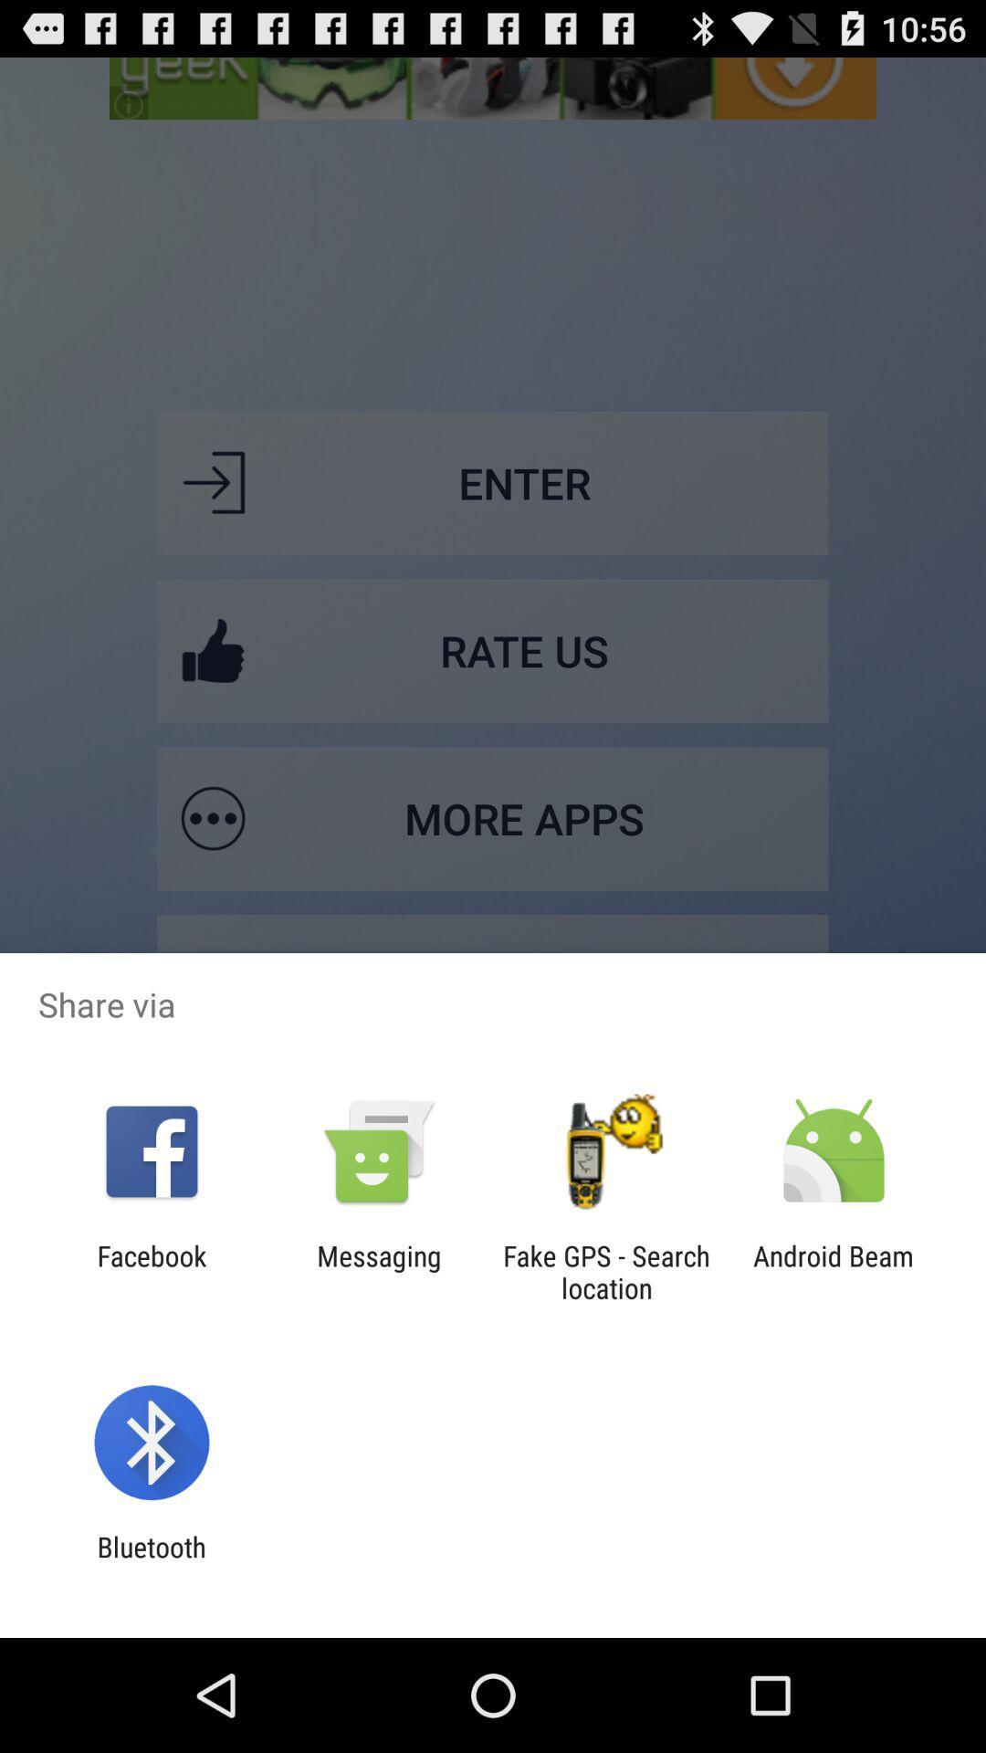  What do you see at coordinates (834, 1271) in the screenshot?
I see `android beam item` at bounding box center [834, 1271].